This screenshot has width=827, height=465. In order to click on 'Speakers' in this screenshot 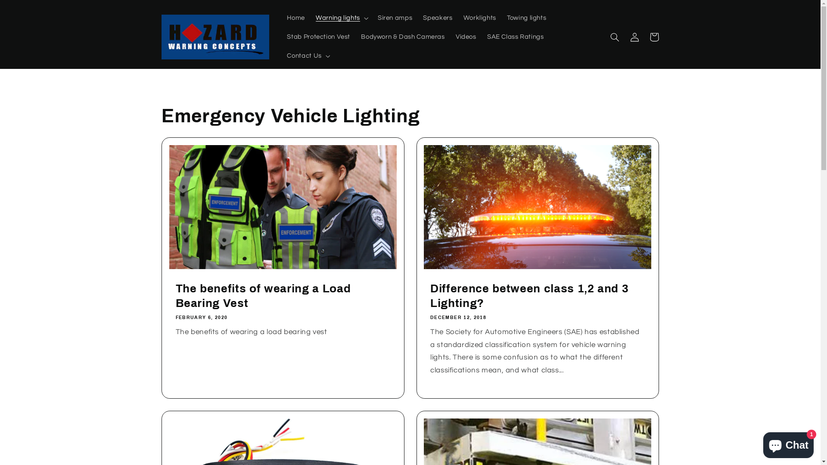, I will do `click(438, 18)`.